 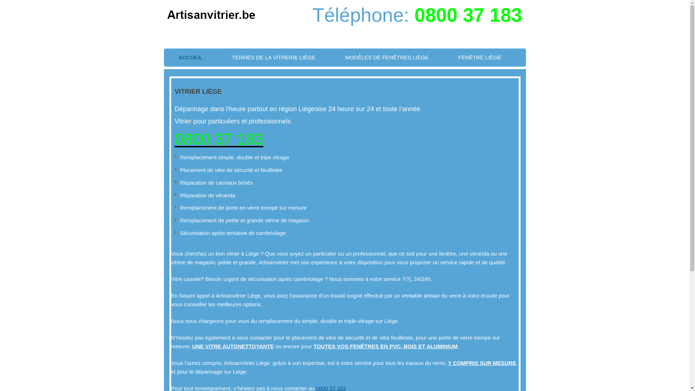 What do you see at coordinates (468, 15) in the screenshot?
I see `'0800 37 183'` at bounding box center [468, 15].